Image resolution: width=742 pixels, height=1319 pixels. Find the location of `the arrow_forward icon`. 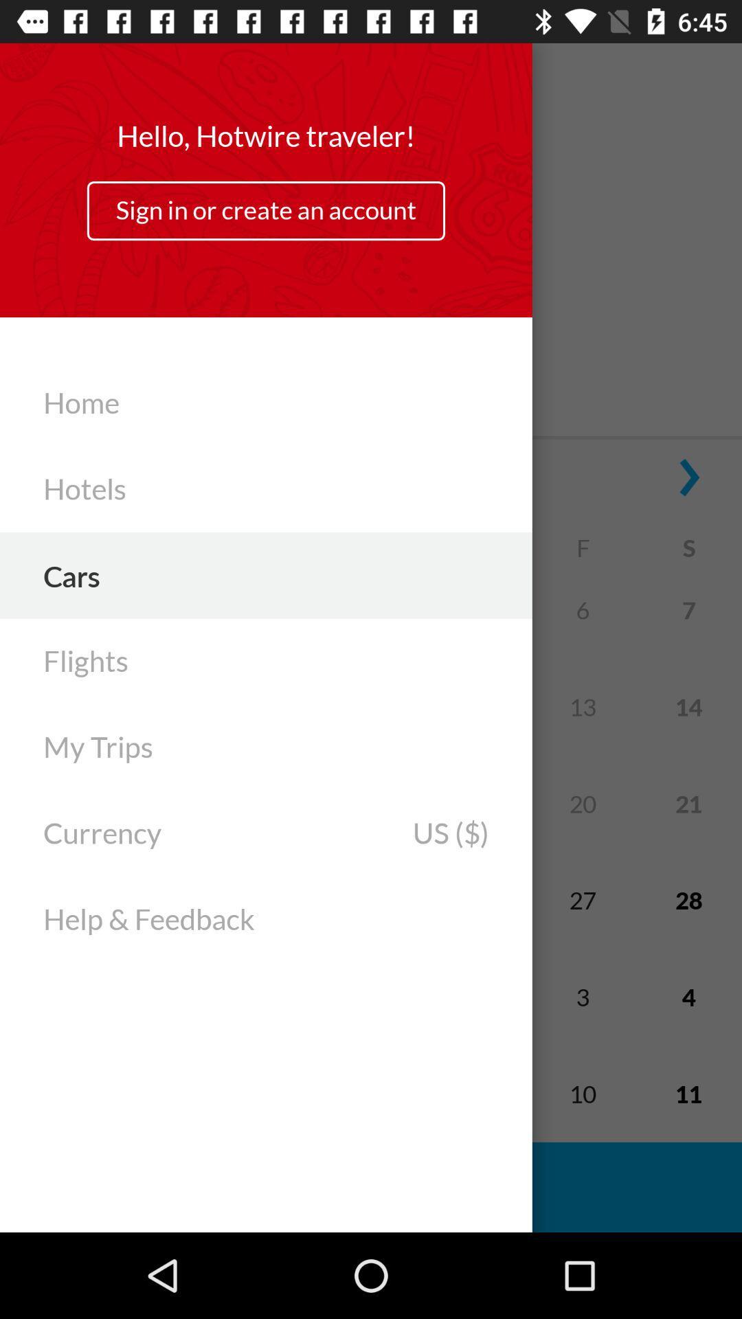

the arrow_forward icon is located at coordinates (688, 486).